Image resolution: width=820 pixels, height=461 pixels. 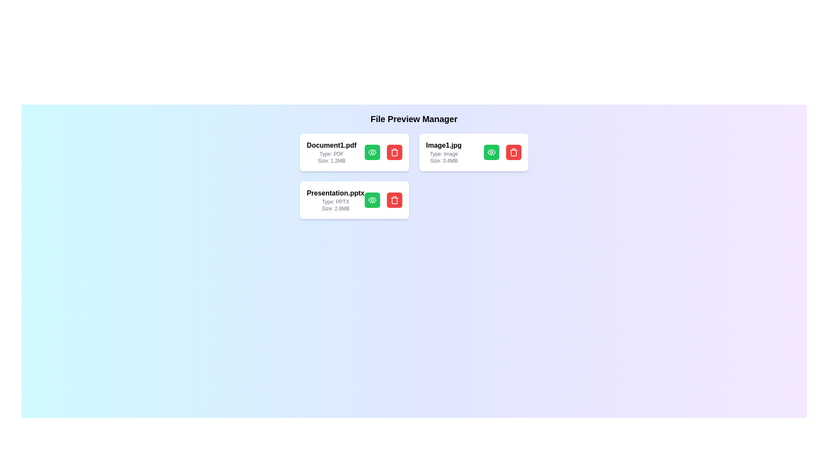 I want to click on the text label displaying 'Size: 3.4MB' located beneath the file 'Image1.jpg', so click(x=444, y=161).